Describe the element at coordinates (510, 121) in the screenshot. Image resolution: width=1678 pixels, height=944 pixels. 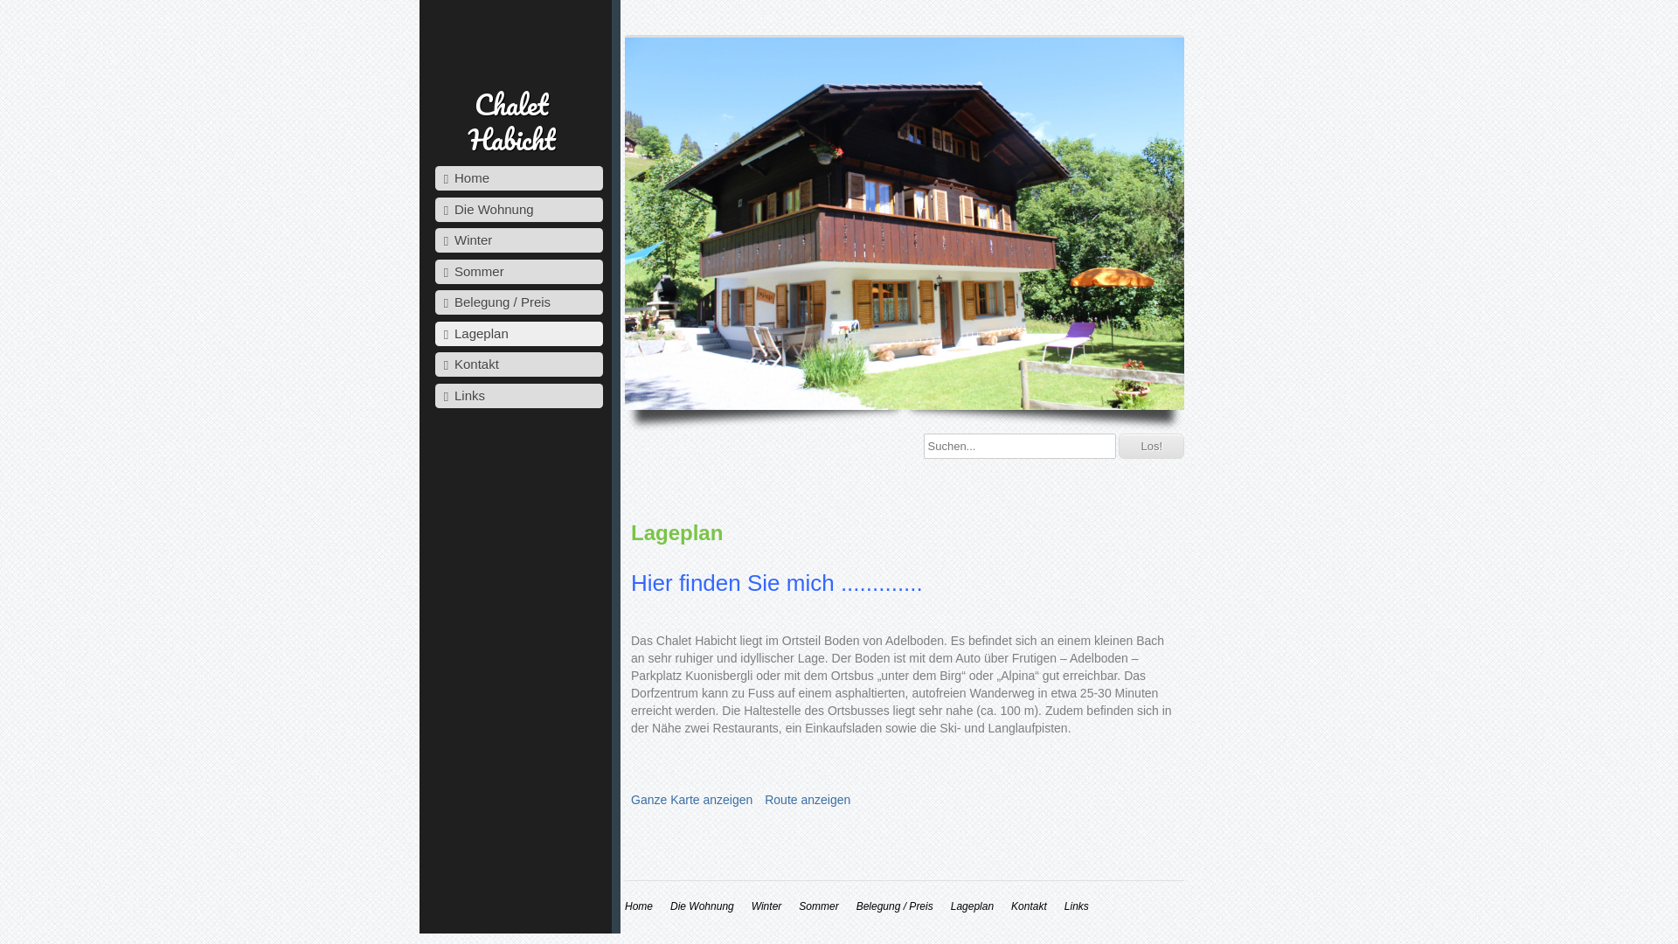
I see `'Chalet Habicht'` at that location.